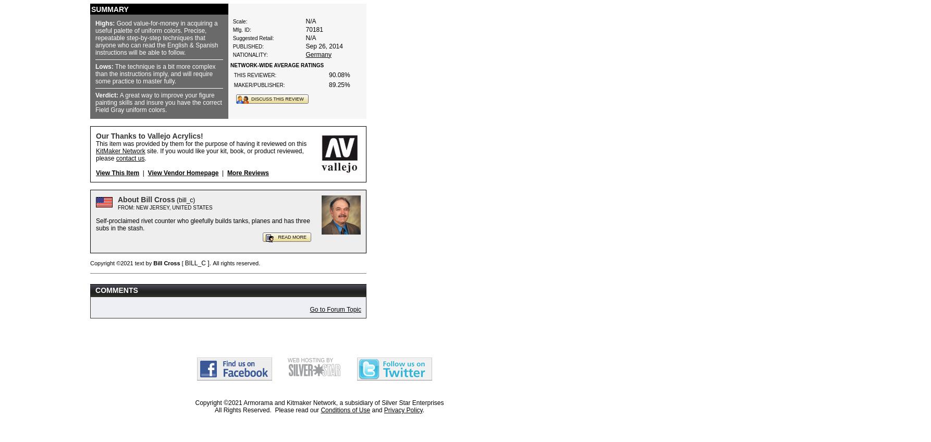 This screenshot has height=442, width=931. Describe the element at coordinates (199, 154) in the screenshot. I see `'site. If you would like your kit, book, or product reviewed, please'` at that location.